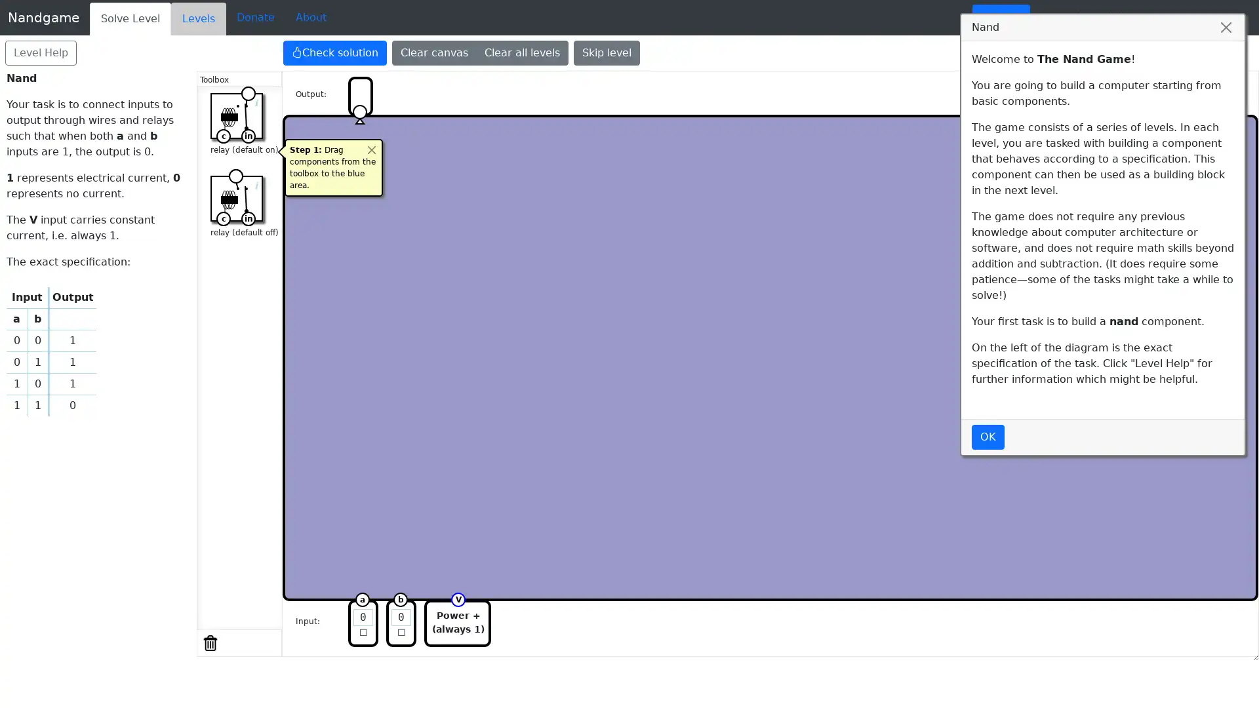  What do you see at coordinates (1226, 18) in the screenshot?
I see `Polski` at bounding box center [1226, 18].